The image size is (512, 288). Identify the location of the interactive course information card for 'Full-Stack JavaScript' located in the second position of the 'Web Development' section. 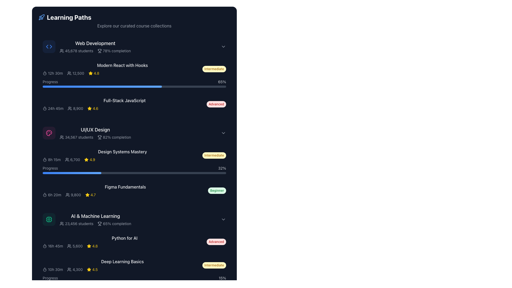
(134, 104).